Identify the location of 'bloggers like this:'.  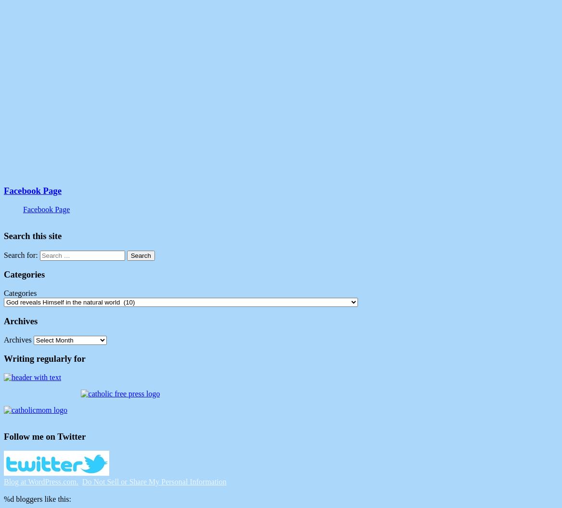
(41, 498).